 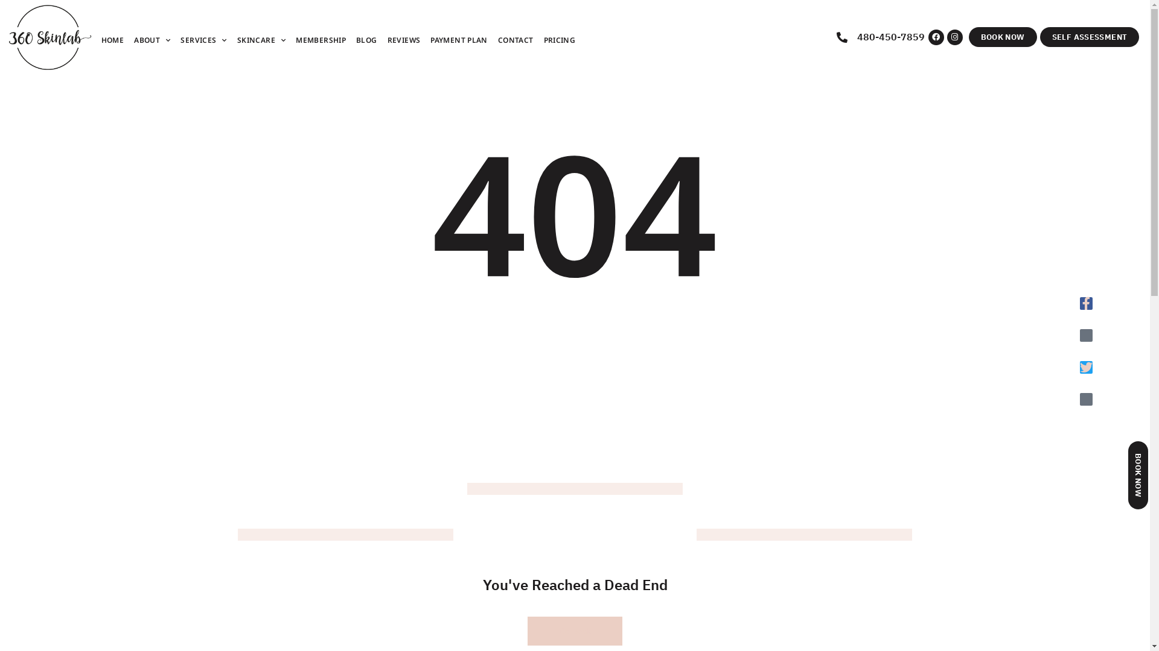 I want to click on 'ABOUT', so click(x=152, y=39).